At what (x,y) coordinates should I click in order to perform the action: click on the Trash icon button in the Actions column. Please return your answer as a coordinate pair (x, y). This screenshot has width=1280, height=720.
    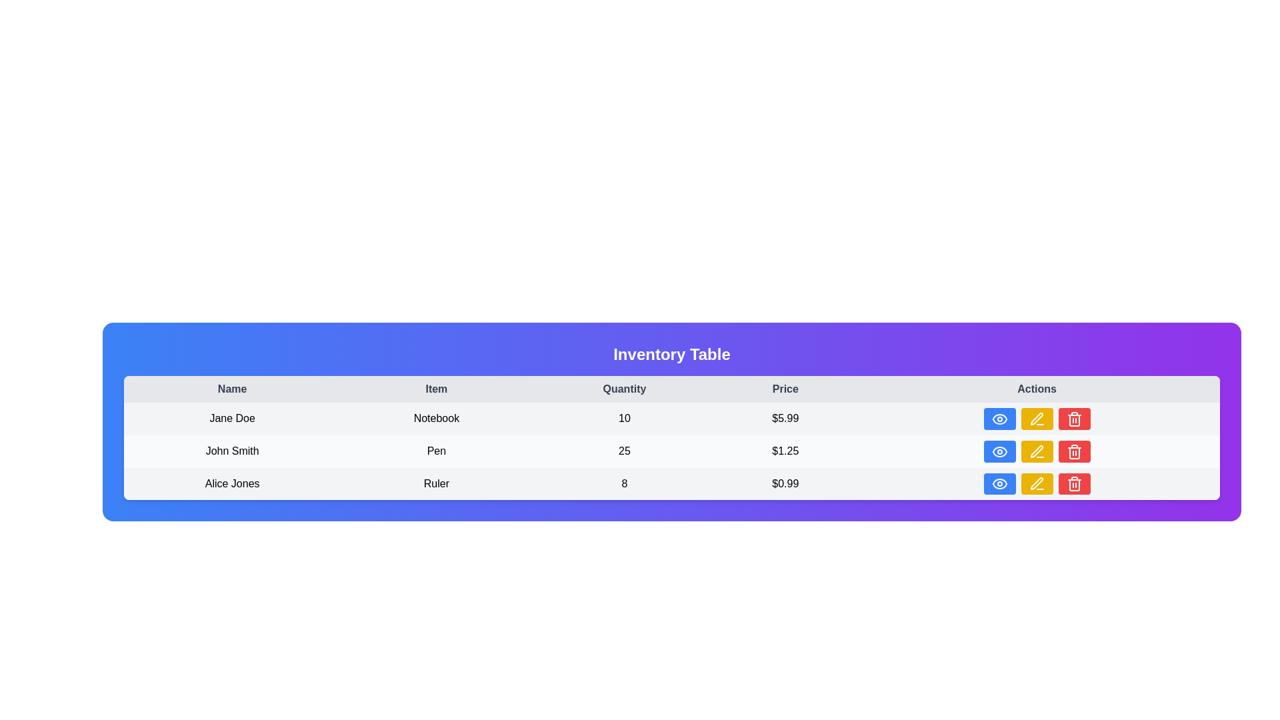
    Looking at the image, I should click on (1074, 418).